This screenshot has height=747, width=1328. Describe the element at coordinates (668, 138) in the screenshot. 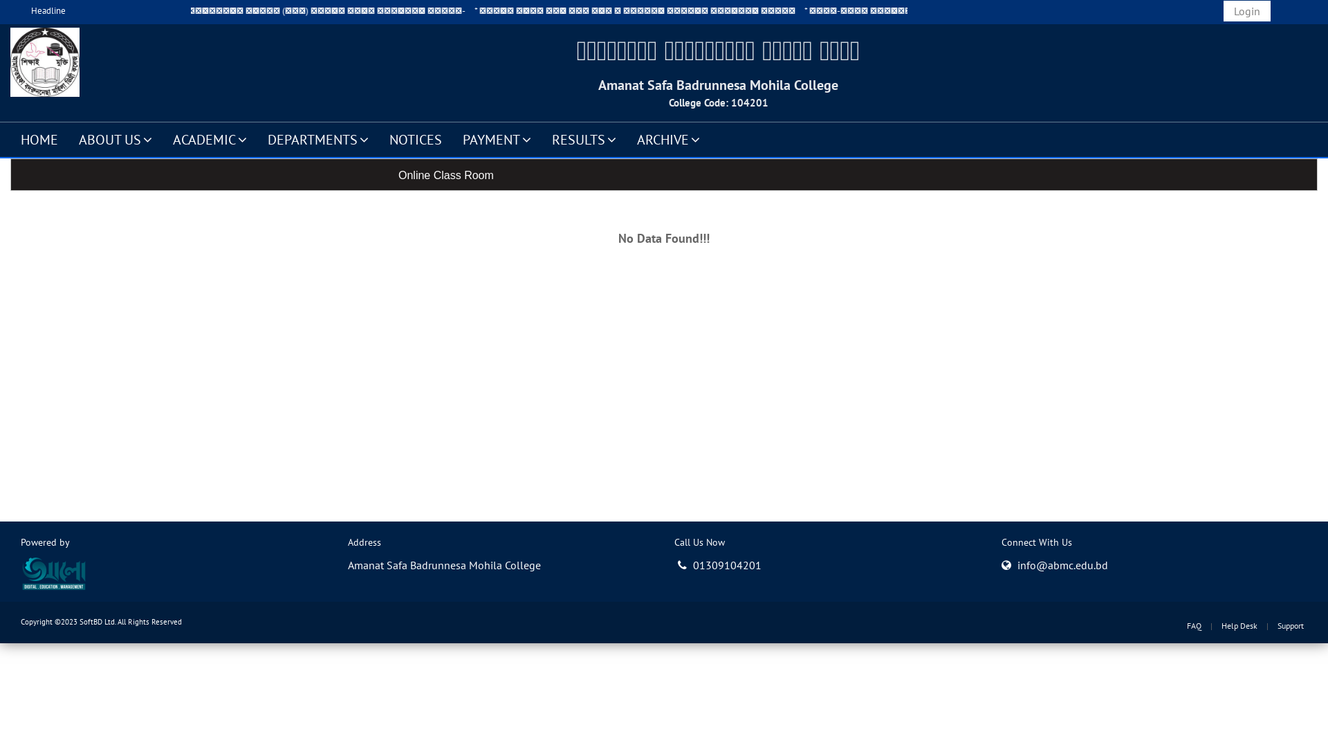

I see `'ARCHIVE'` at that location.